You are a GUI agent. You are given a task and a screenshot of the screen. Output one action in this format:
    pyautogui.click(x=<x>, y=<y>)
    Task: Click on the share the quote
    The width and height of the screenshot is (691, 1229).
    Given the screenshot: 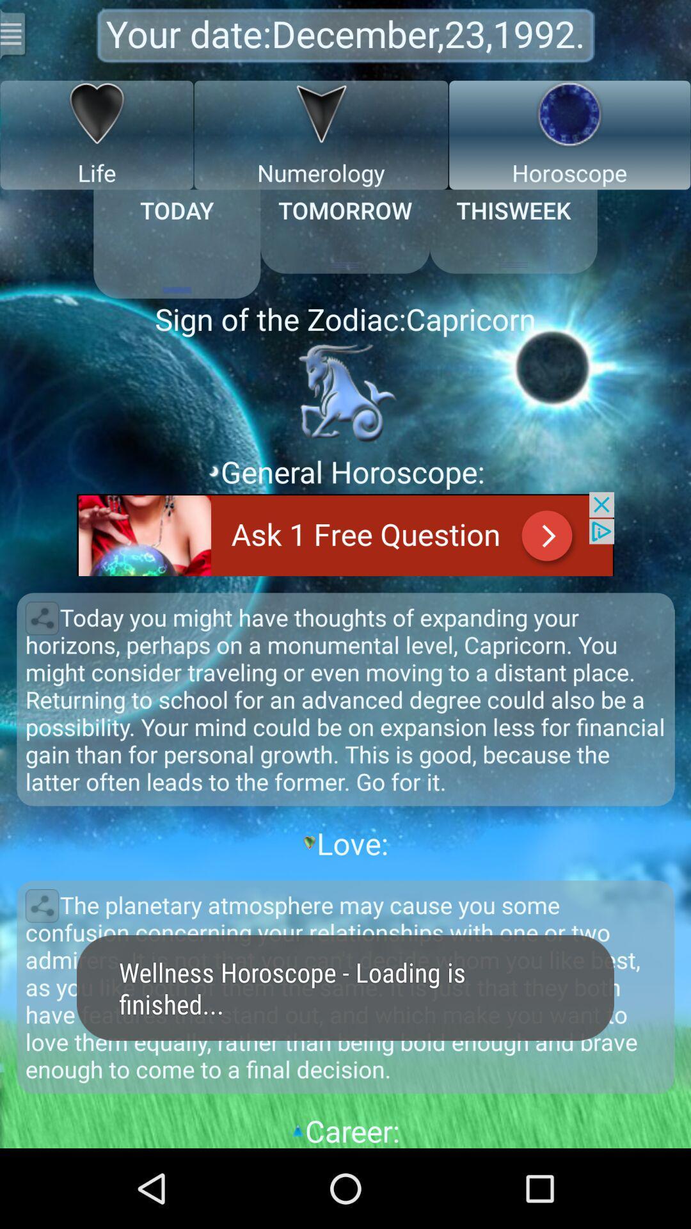 What is the action you would take?
    pyautogui.click(x=41, y=905)
    